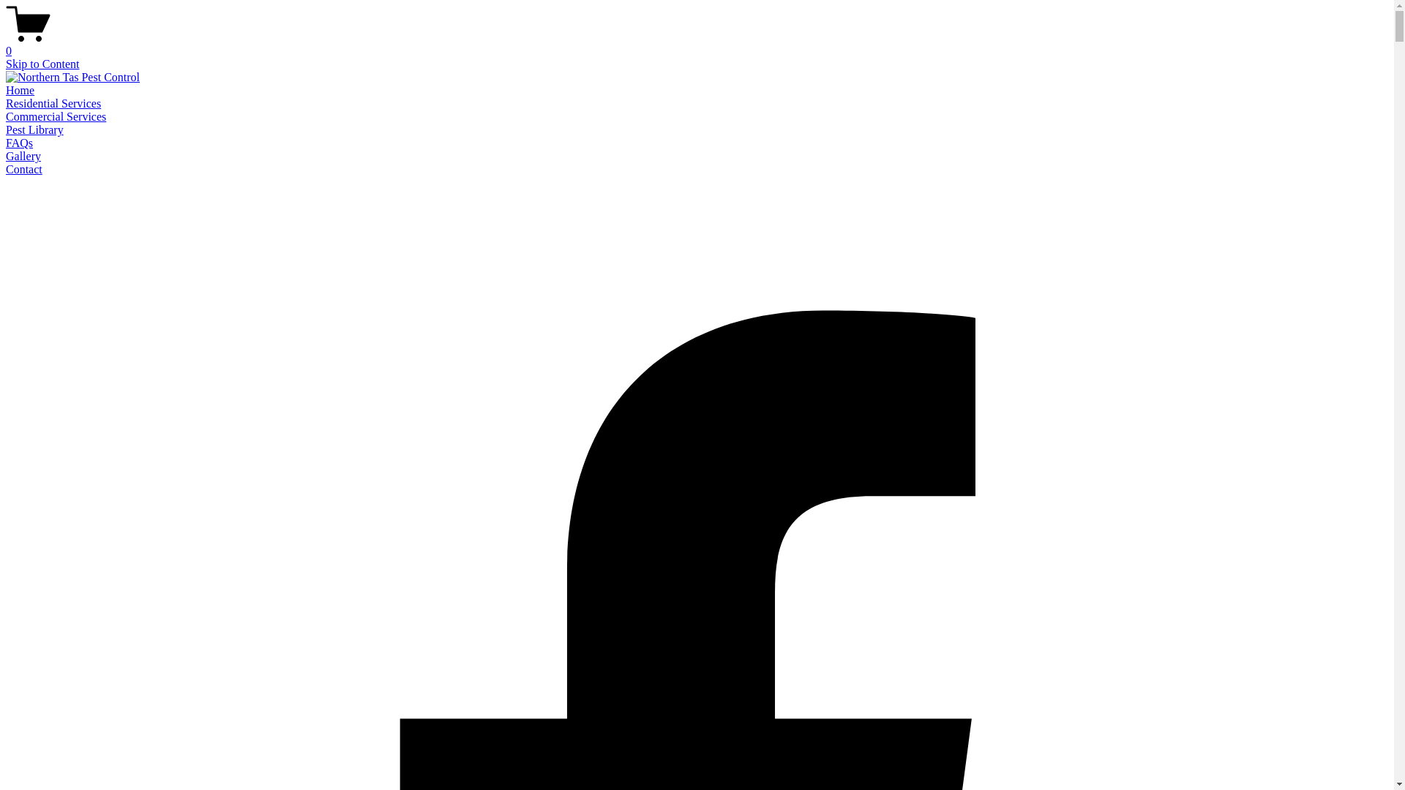  I want to click on '0', so click(6, 44).